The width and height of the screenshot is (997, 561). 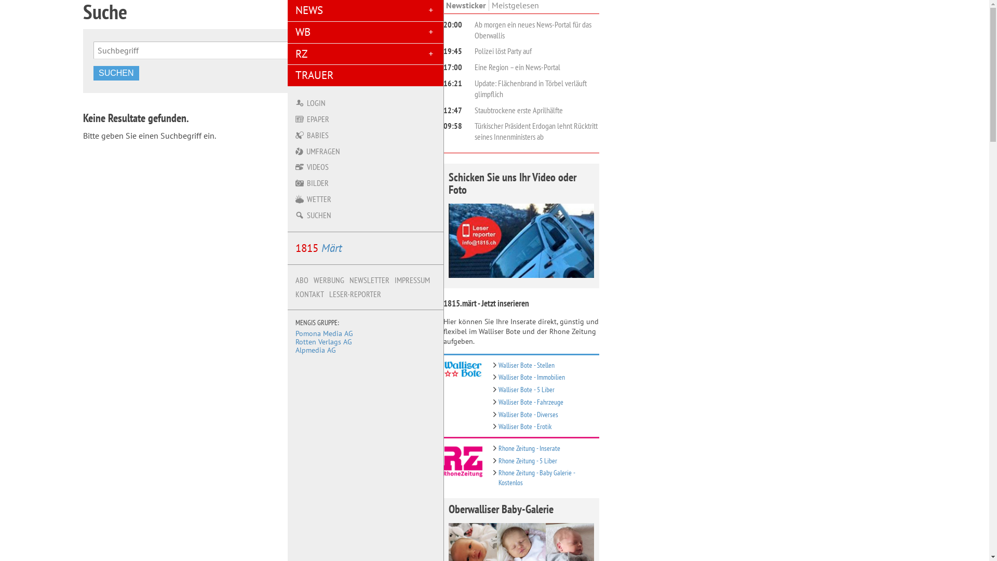 I want to click on 'NEWSLETTER', so click(x=369, y=279).